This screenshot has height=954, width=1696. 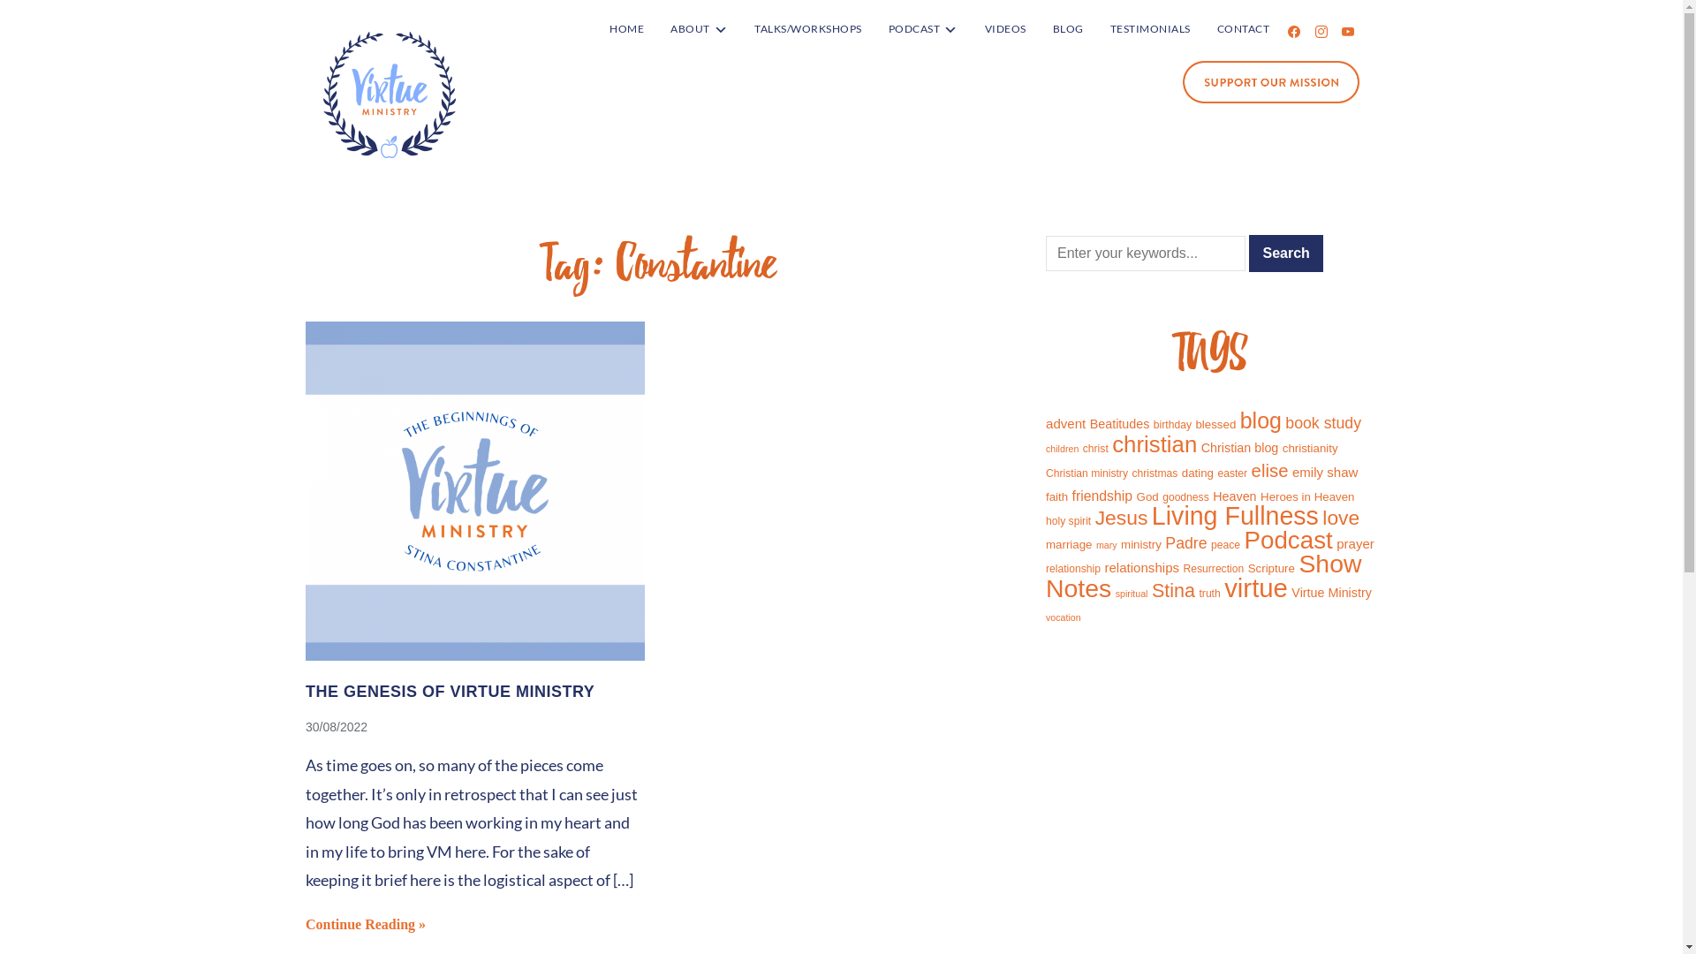 What do you see at coordinates (1238, 446) in the screenshot?
I see `'Christian blog'` at bounding box center [1238, 446].